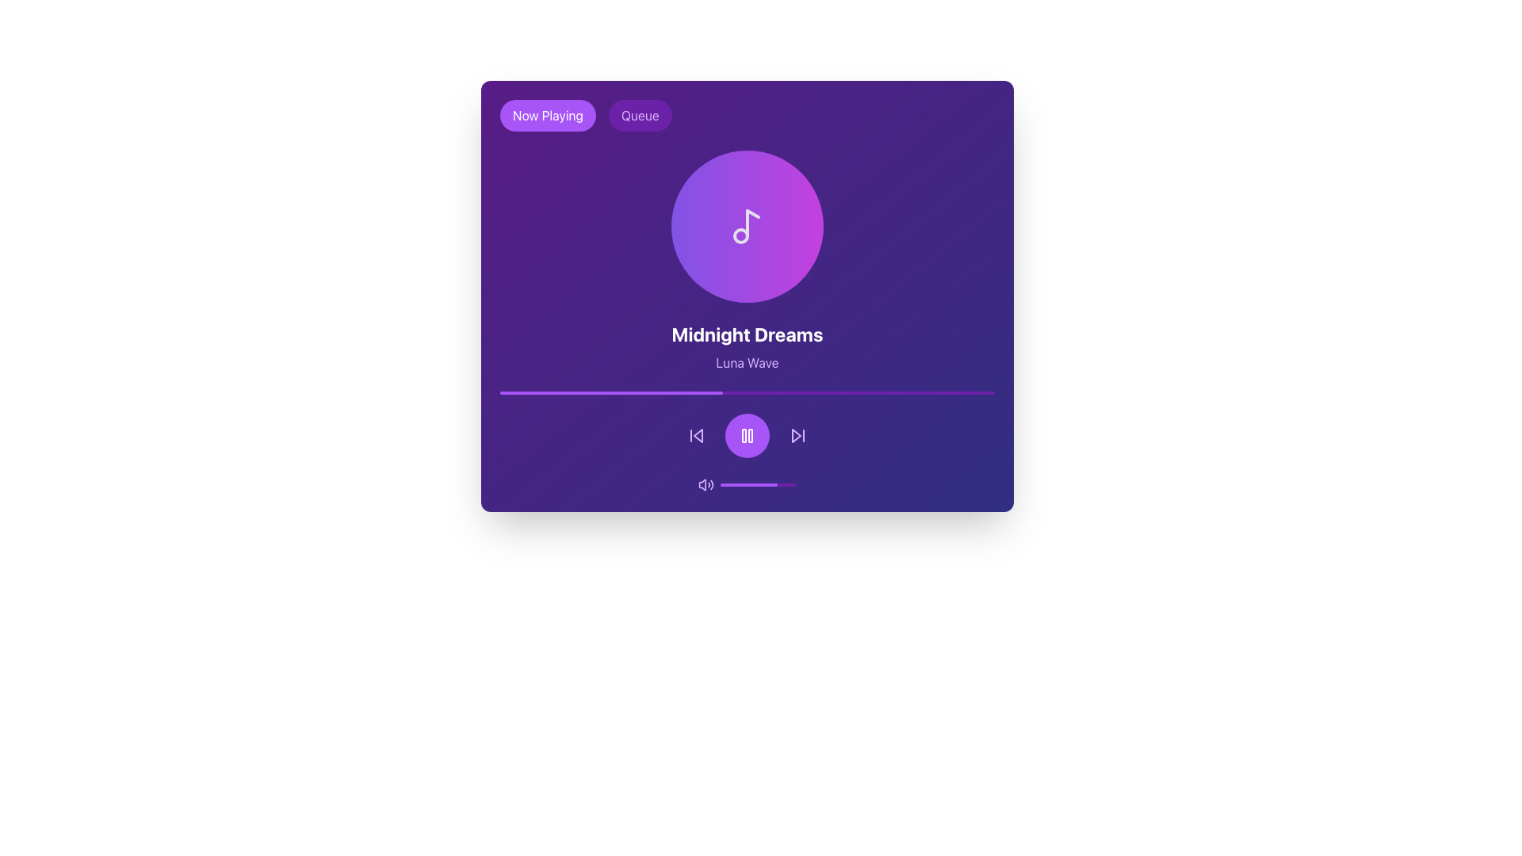 Image resolution: width=1522 pixels, height=856 pixels. Describe the element at coordinates (798, 436) in the screenshot. I see `the rightward-facing purple skip forward button located at the bottom-right corner of the media control panel to skip forward` at that location.